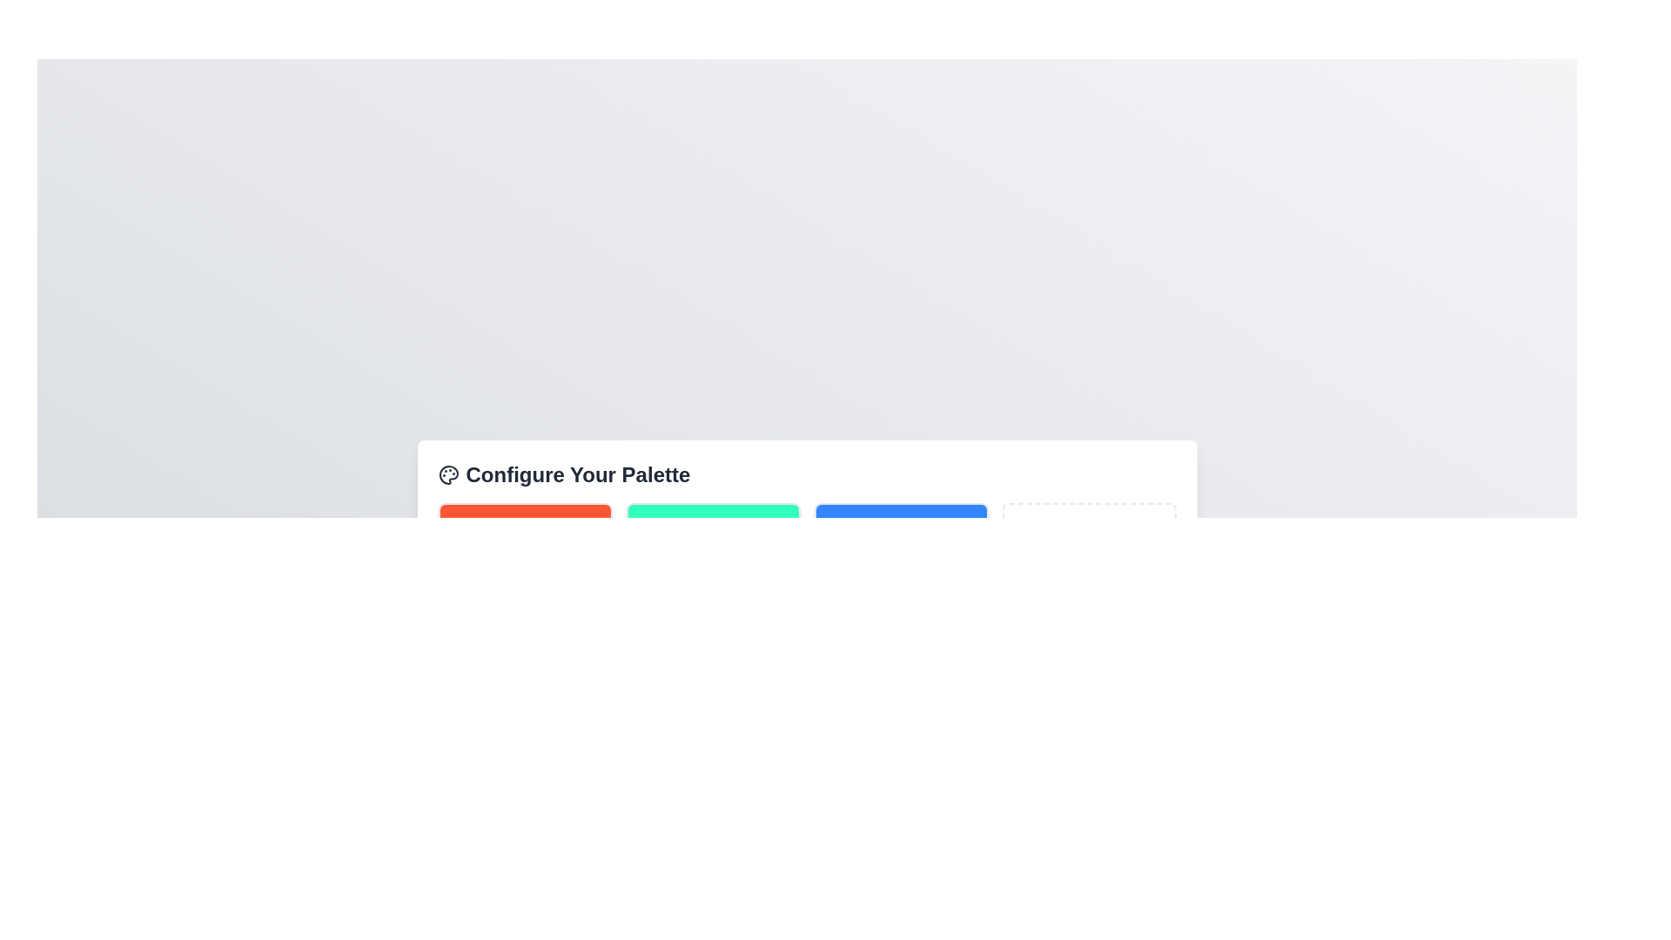  I want to click on the configuration icon that represents customizing a palette, which is located slightly to the left of the 'Configure Your Palette' text, so click(448, 475).